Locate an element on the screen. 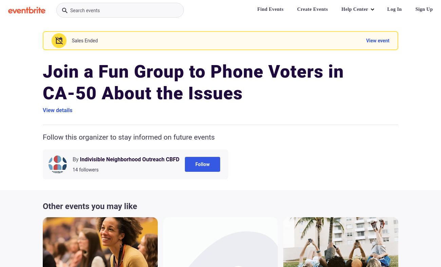  'Sales Ended' is located at coordinates (84, 41).